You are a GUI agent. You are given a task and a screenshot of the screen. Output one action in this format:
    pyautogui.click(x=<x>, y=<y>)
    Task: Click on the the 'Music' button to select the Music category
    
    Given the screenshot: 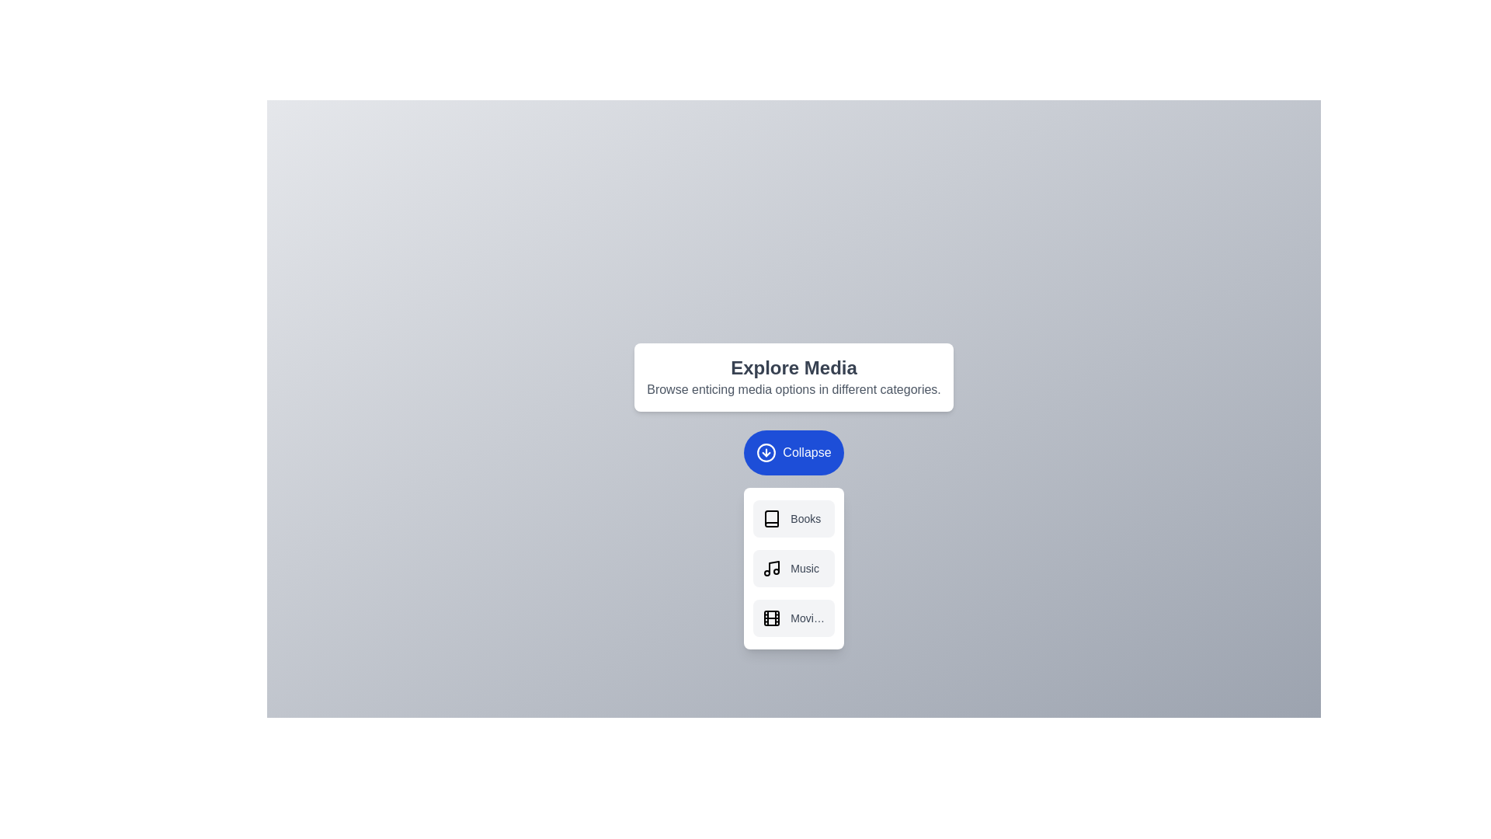 What is the action you would take?
    pyautogui.click(x=794, y=568)
    